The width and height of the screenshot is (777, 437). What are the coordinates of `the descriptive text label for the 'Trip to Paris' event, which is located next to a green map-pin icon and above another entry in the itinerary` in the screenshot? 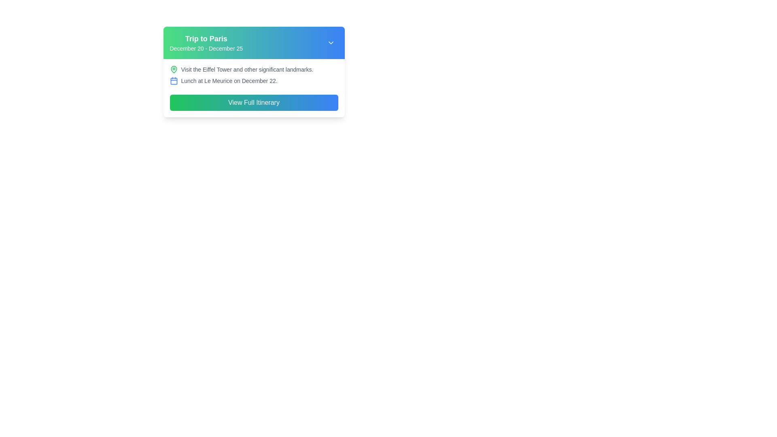 It's located at (246, 69).